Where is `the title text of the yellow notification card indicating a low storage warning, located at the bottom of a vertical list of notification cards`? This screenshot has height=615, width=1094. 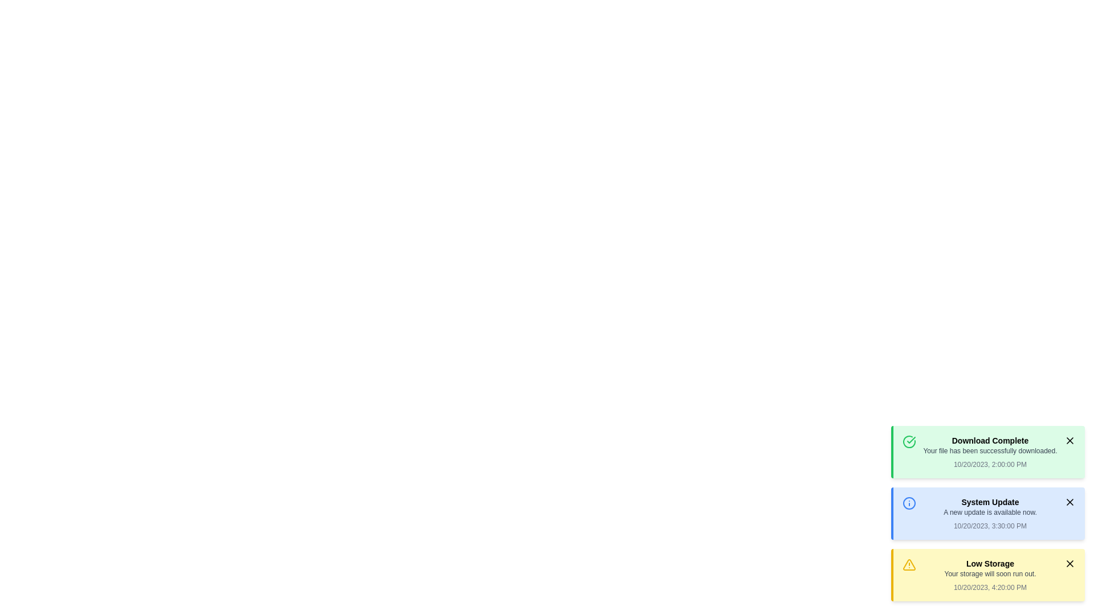
the title text of the yellow notification card indicating a low storage warning, located at the bottom of a vertical list of notification cards is located at coordinates (989, 564).